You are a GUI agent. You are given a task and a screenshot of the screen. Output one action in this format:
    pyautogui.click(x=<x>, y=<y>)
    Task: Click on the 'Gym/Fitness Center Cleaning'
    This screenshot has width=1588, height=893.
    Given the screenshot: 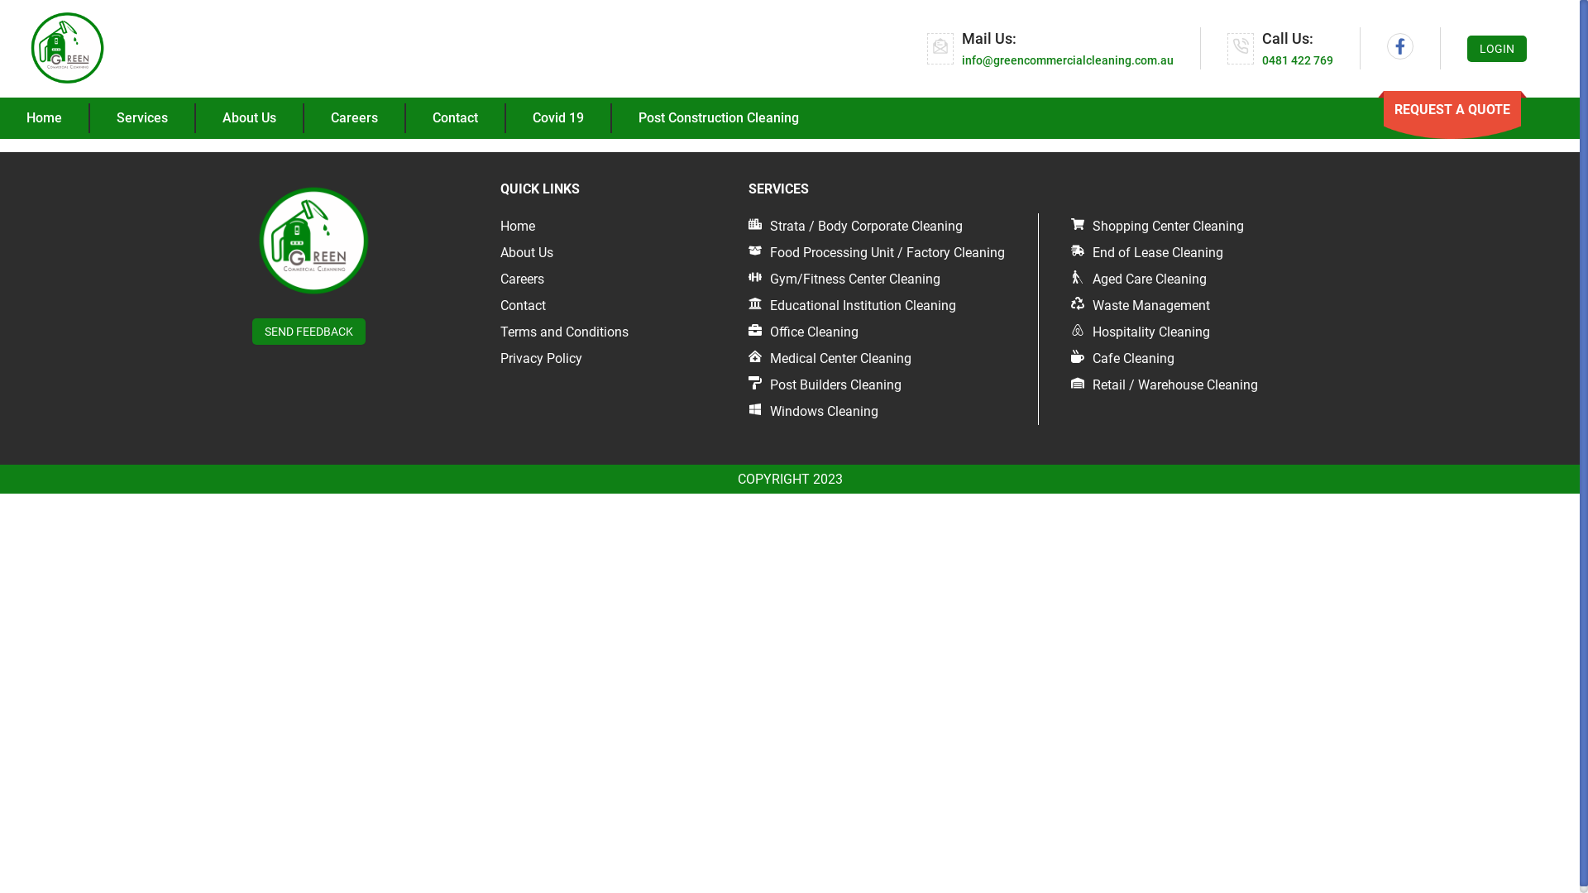 What is the action you would take?
    pyautogui.click(x=844, y=278)
    